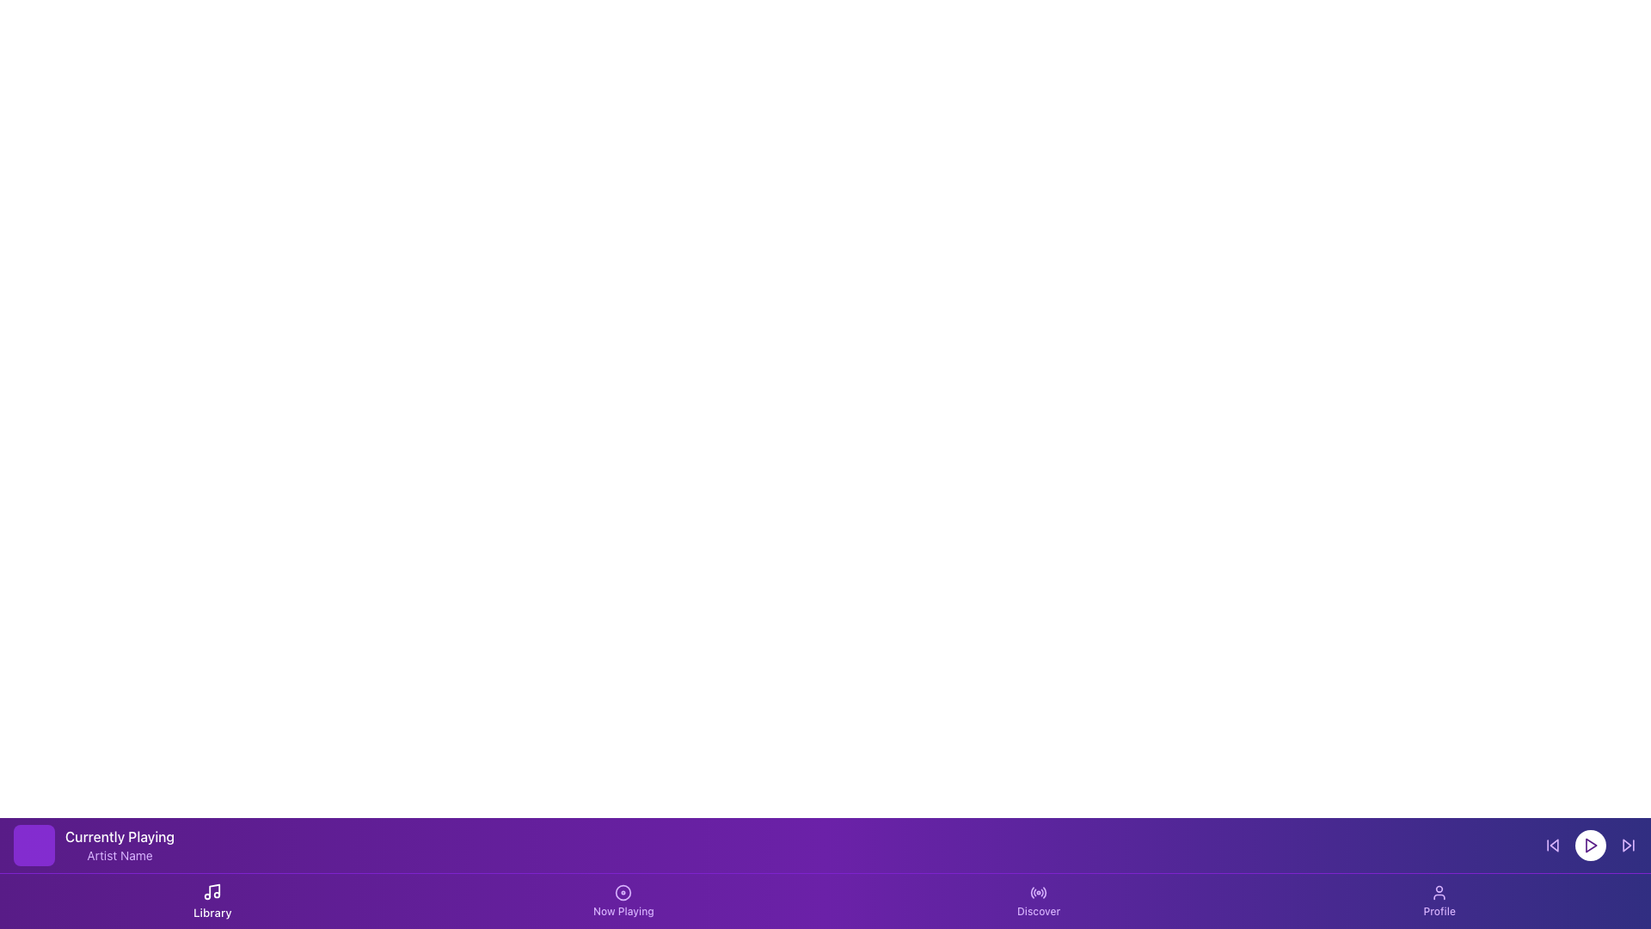  What do you see at coordinates (212, 891) in the screenshot?
I see `the 'Library' icon in the bottom navigation bar` at bounding box center [212, 891].